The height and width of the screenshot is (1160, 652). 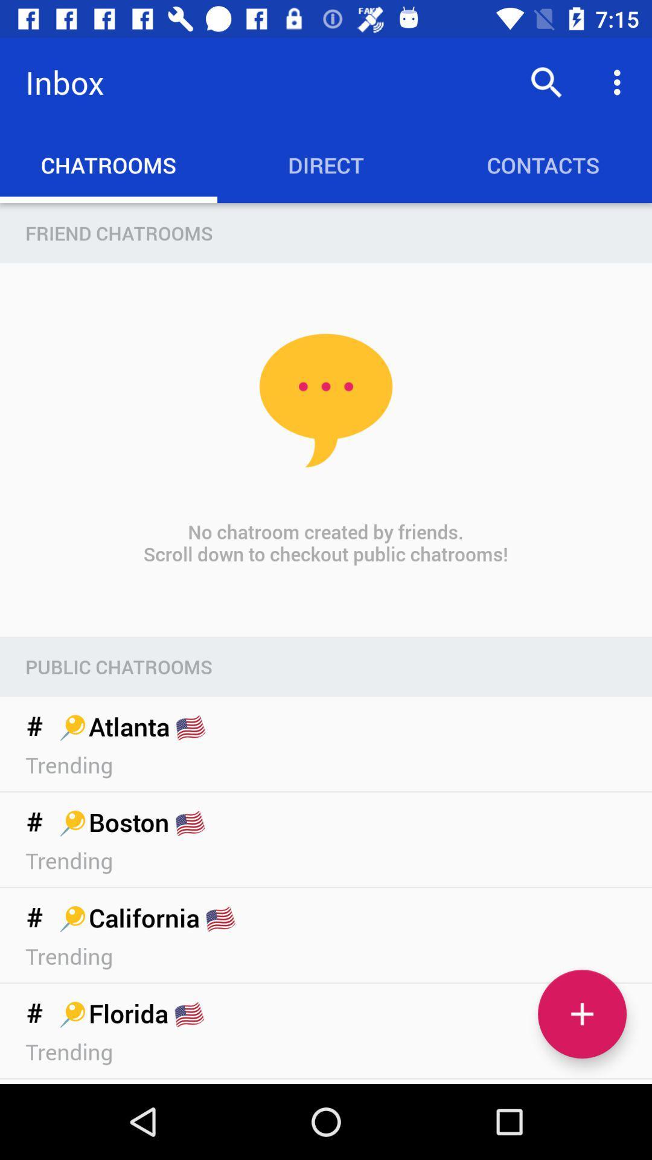 What do you see at coordinates (581, 1014) in the screenshot?
I see `the icon below the trending` at bounding box center [581, 1014].